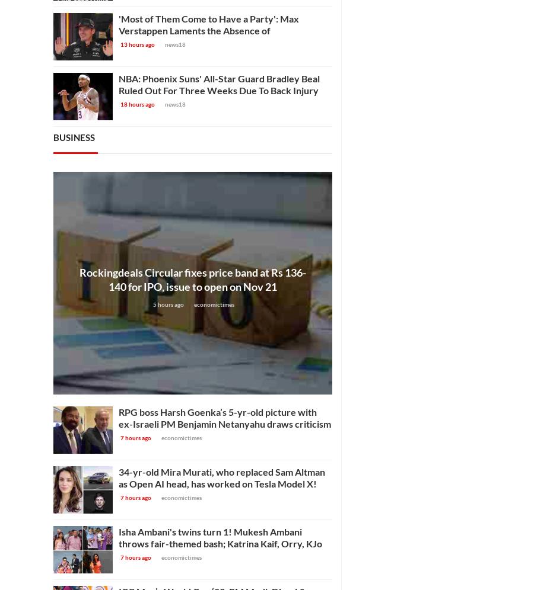 This screenshot has width=534, height=590. What do you see at coordinates (208, 30) in the screenshot?
I see `''Most of Them Come to Have a Party': Max Verstappen Laments the Absence of Knowledgeable Racing Fans in Las Vegas'` at bounding box center [208, 30].